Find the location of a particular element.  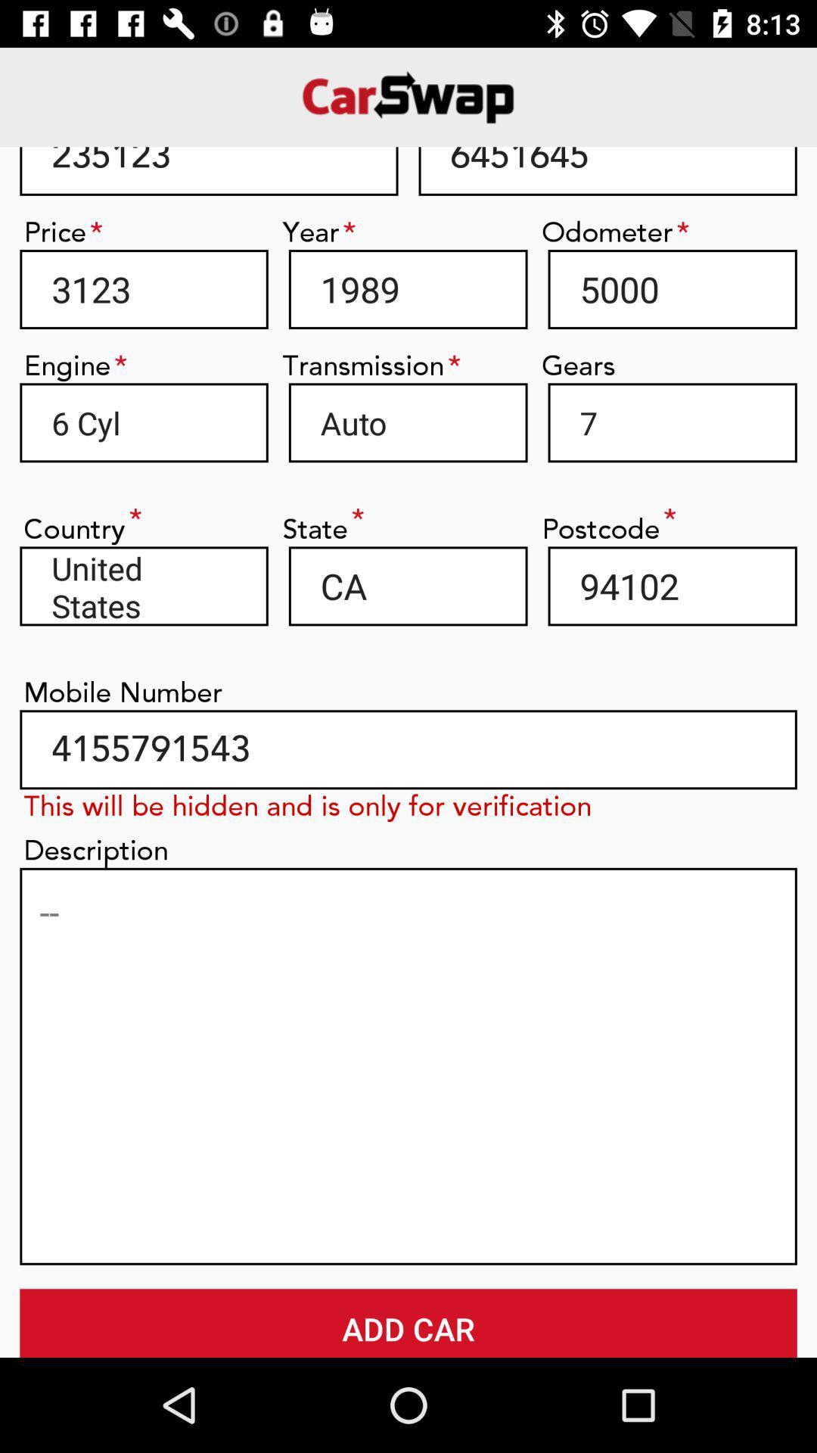

description box is located at coordinates (408, 1066).